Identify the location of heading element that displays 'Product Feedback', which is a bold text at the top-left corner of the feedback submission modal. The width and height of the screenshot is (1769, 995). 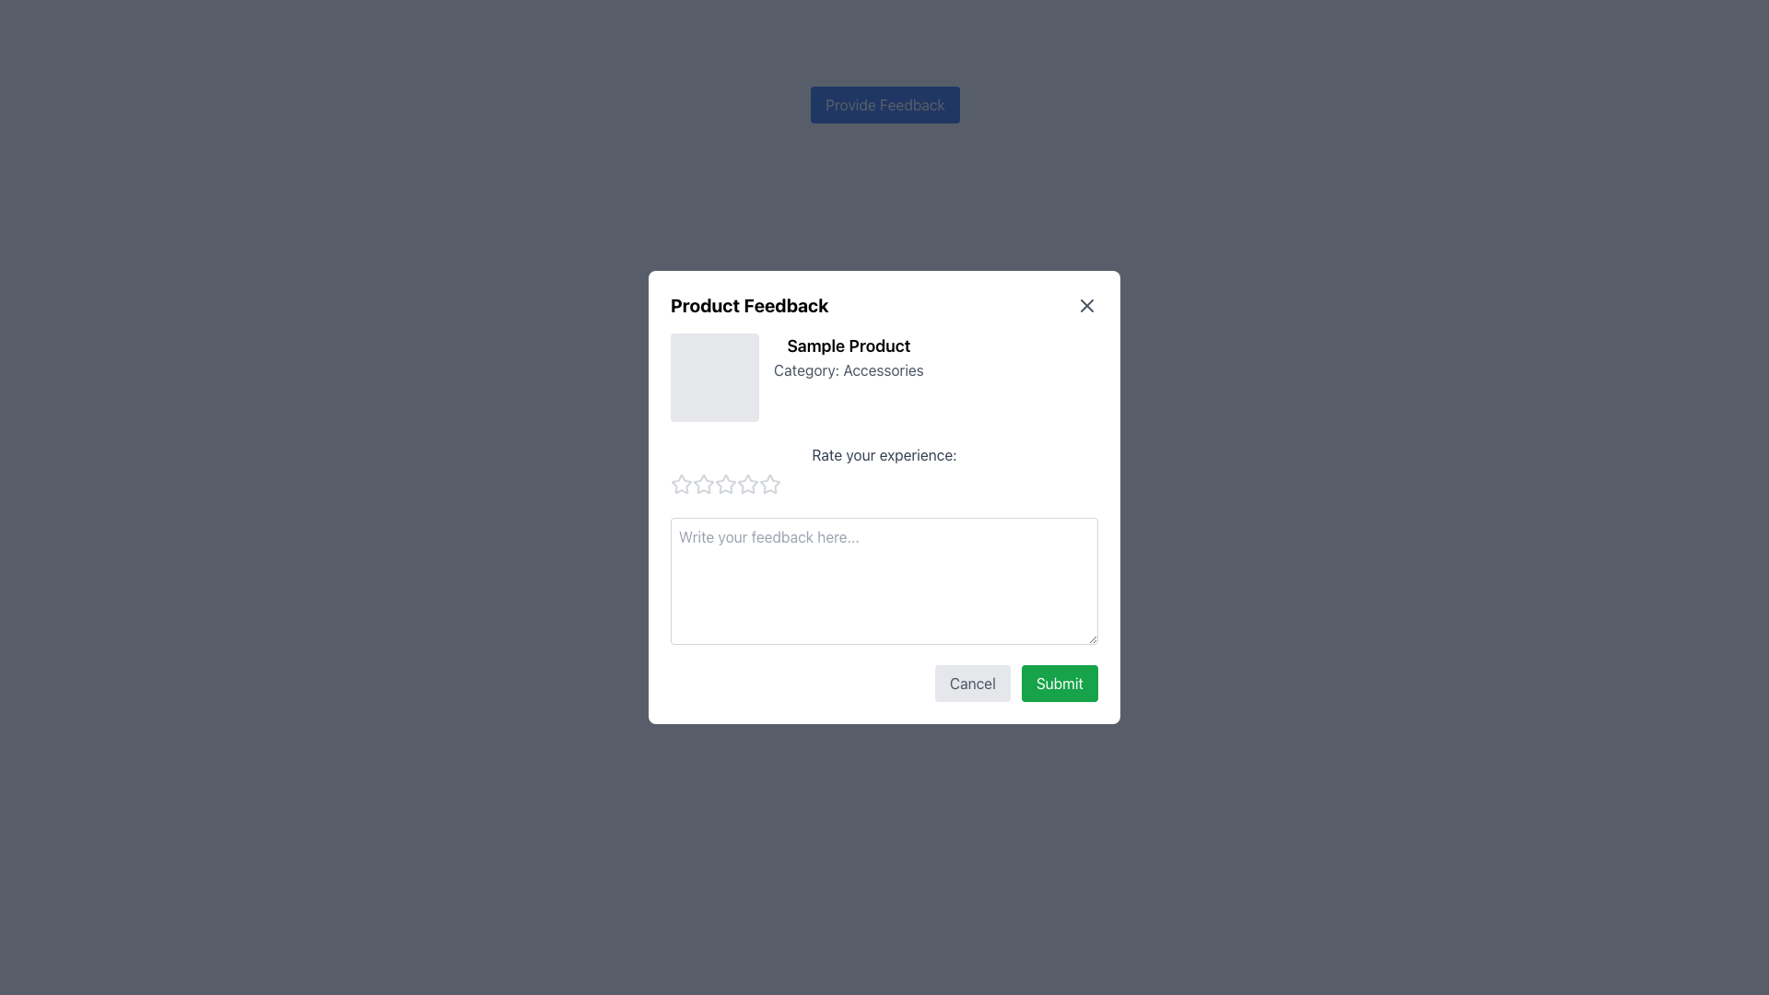
(749, 304).